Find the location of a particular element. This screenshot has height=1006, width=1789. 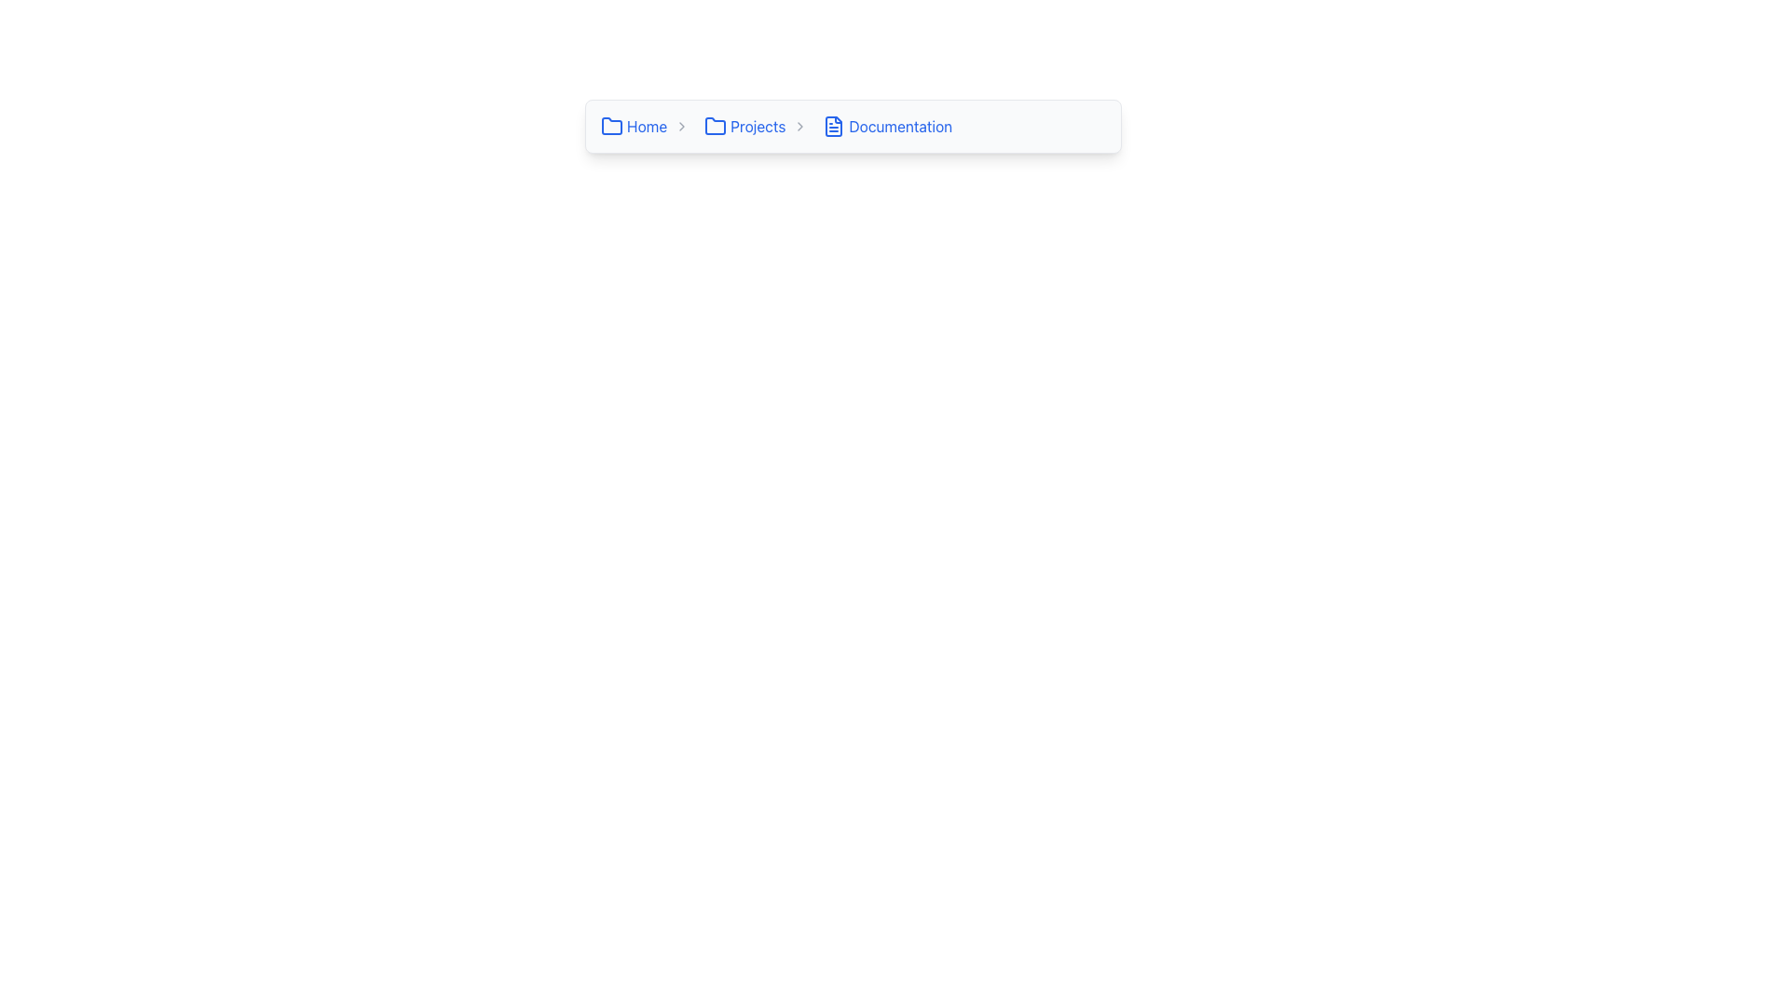

the 'Home' breadcrumb link represented by the leftmost SVG icon in the breadcrumb navigation bar is located at coordinates (612, 126).